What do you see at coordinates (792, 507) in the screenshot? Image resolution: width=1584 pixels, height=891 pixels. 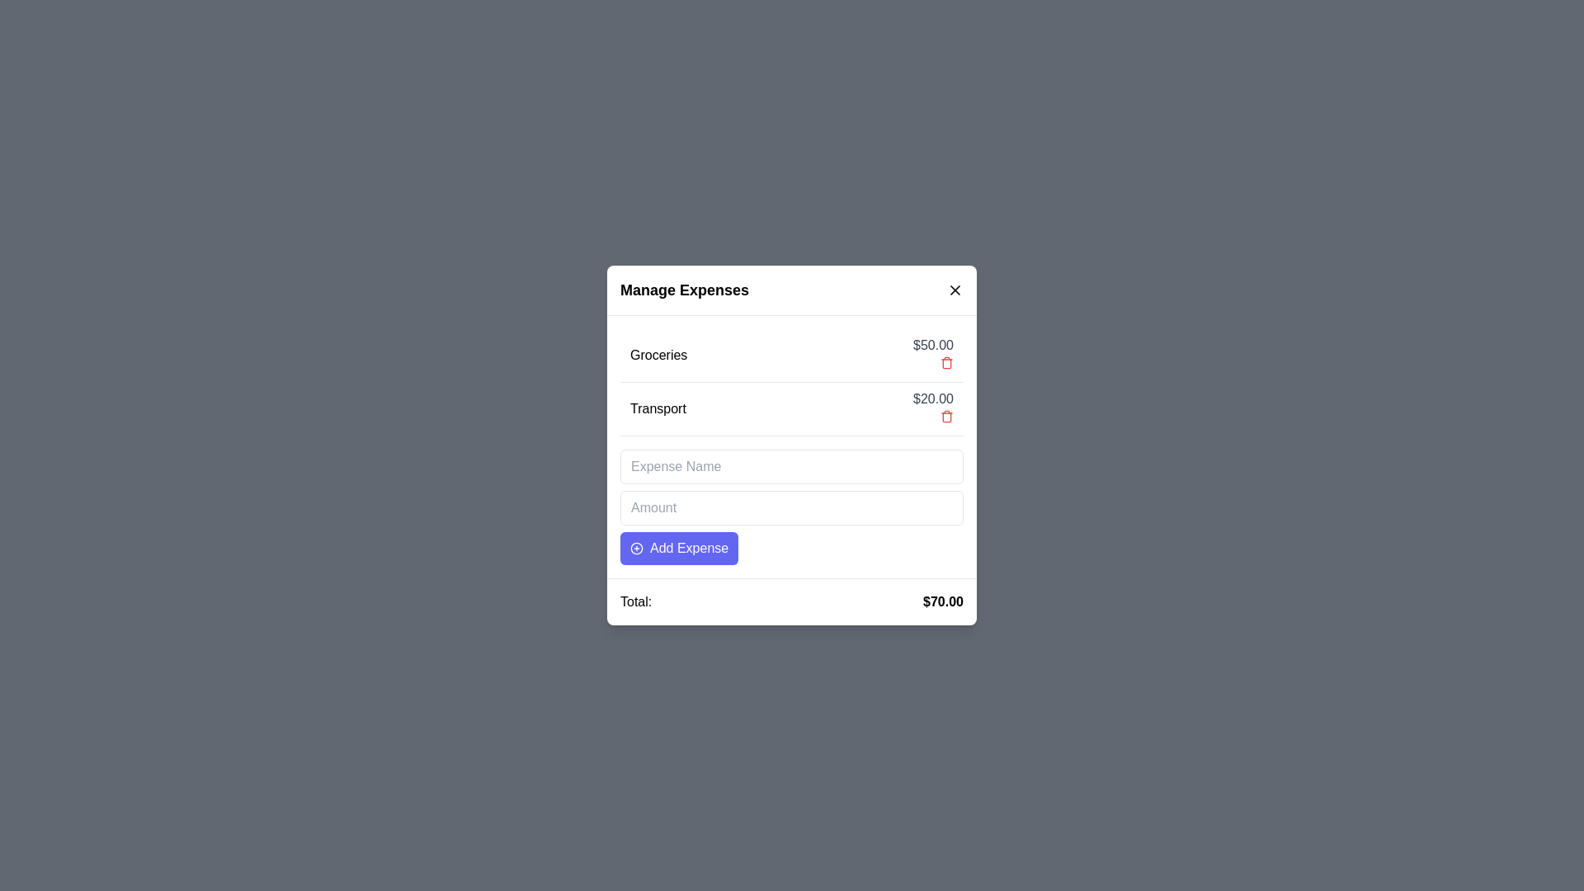 I see `the numeric input field for expense entry located in the 'Add Expense' section, which is positioned below the 'Expense Name' input and above the 'Add Expense' button` at bounding box center [792, 507].